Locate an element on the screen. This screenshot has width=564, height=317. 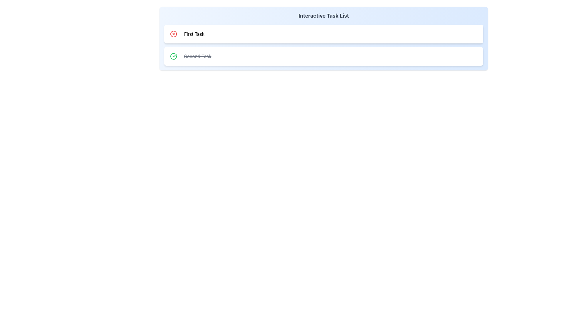
the button located to the left of the 'Second Task' text is located at coordinates (173, 56).